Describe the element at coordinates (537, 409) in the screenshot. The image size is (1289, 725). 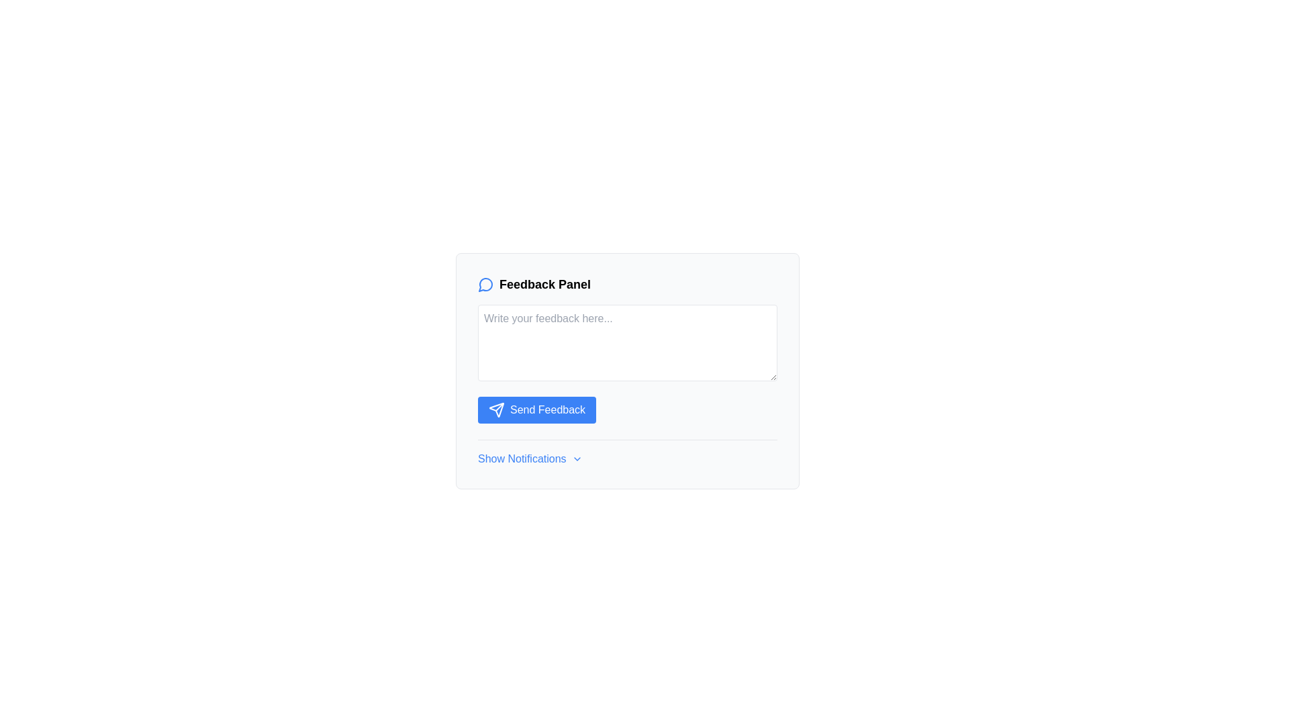
I see `the 'Send Feedback' button styled with a blue background and white text to observe the hover effect` at that location.